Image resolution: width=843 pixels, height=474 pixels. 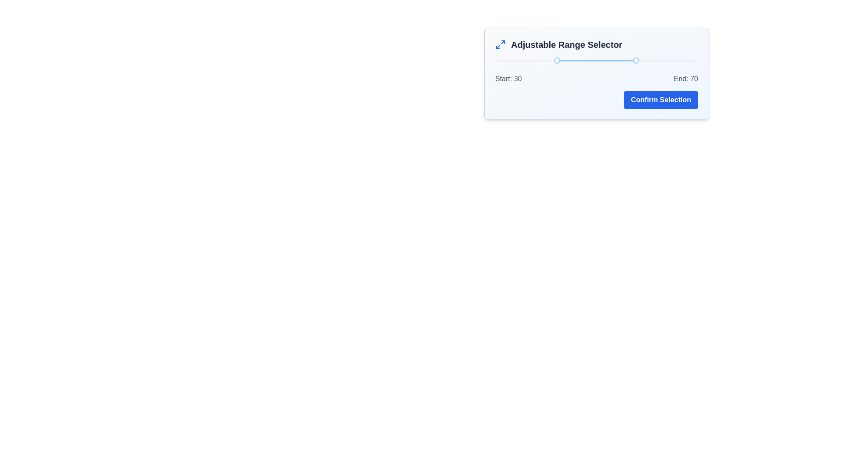 What do you see at coordinates (651, 60) in the screenshot?
I see `the slider` at bounding box center [651, 60].